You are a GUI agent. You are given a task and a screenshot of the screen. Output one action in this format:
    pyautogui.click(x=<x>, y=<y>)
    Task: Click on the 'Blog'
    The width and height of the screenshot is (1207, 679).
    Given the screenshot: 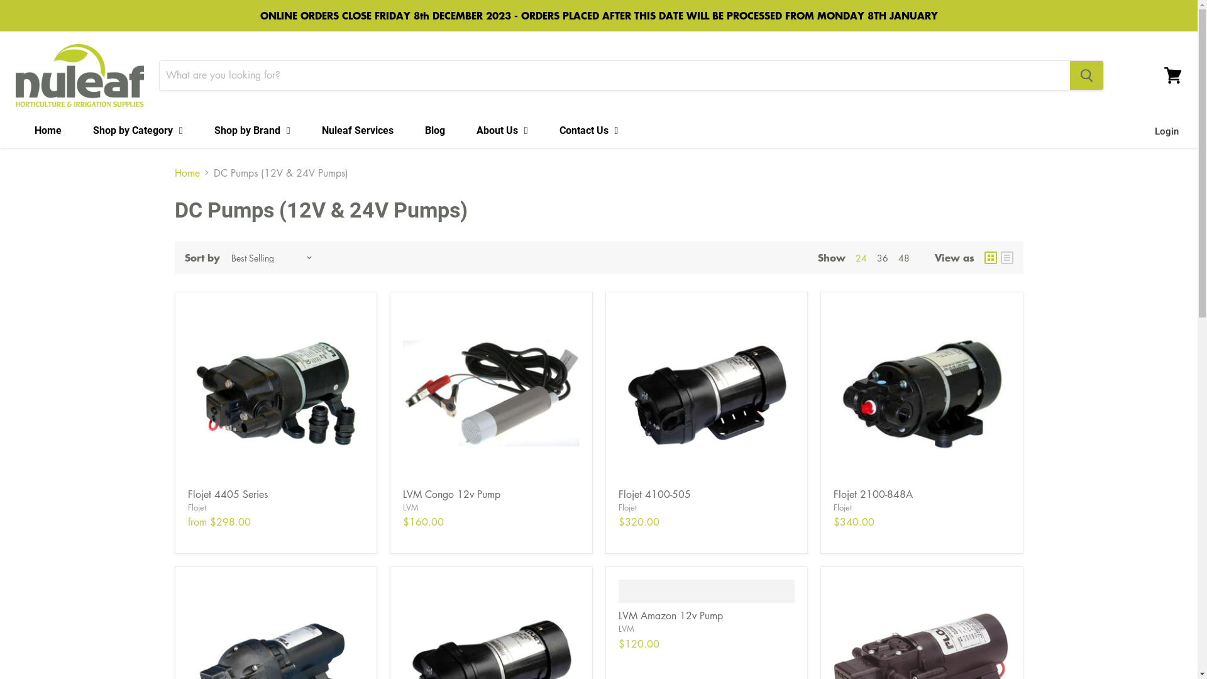 What is the action you would take?
    pyautogui.click(x=431, y=130)
    